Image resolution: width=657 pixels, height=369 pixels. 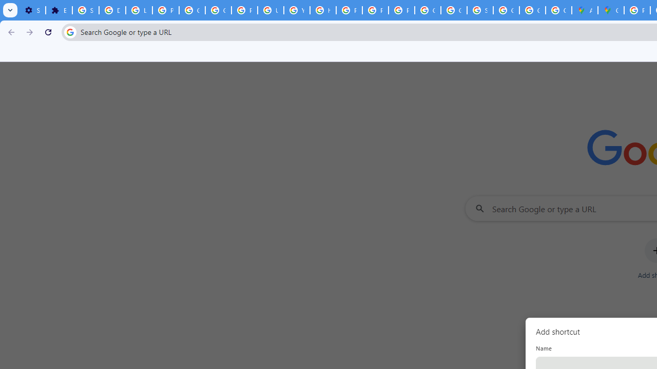 I want to click on 'Google Maps', so click(x=611, y=10).